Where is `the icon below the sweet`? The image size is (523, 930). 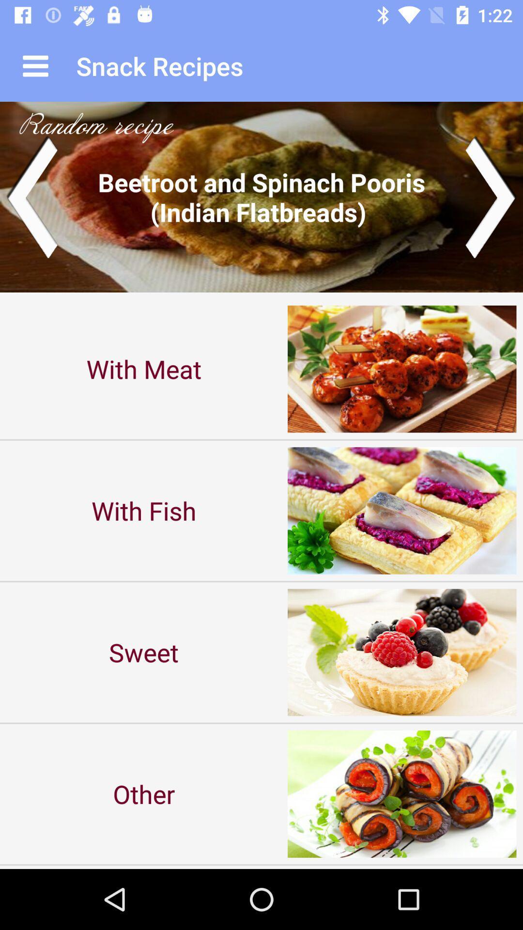
the icon below the sweet is located at coordinates (144, 794).